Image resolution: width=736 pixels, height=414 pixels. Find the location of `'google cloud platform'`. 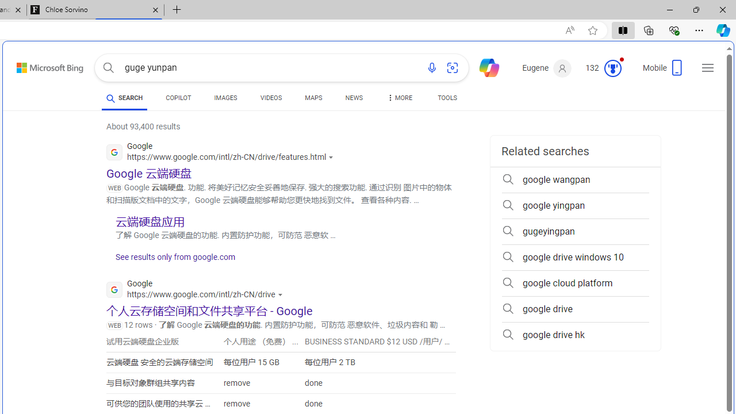

'google cloud platform' is located at coordinates (575, 283).